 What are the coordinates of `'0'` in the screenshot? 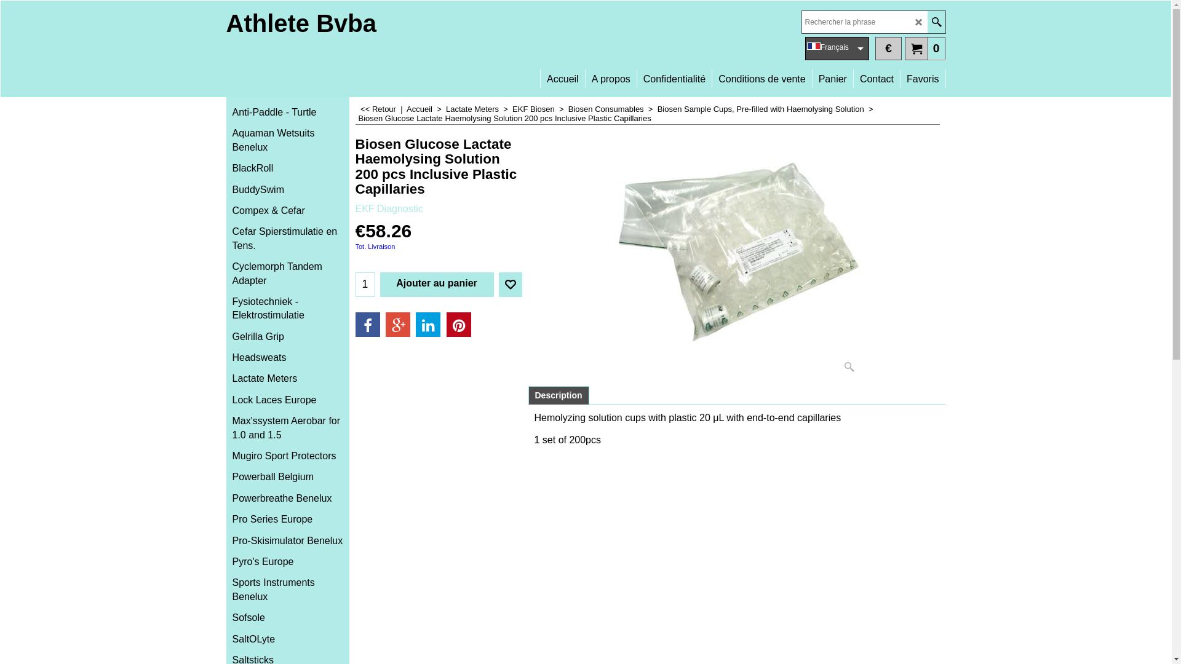 It's located at (904, 47).